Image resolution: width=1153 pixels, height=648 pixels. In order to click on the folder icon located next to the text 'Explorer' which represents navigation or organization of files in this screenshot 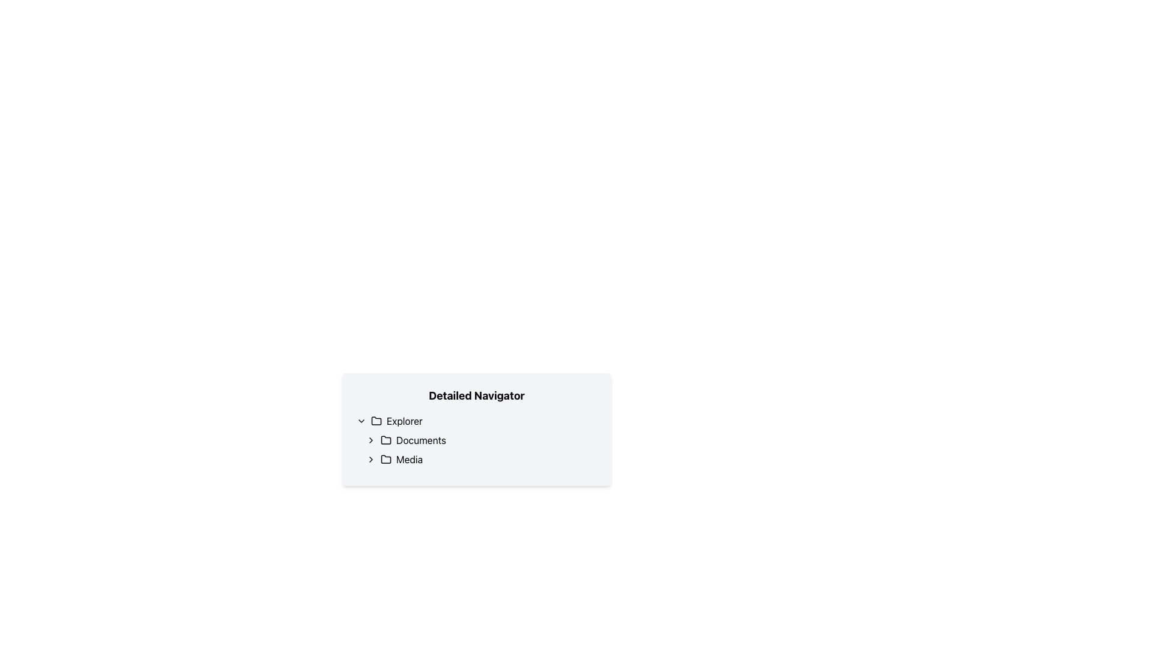, I will do `click(376, 421)`.